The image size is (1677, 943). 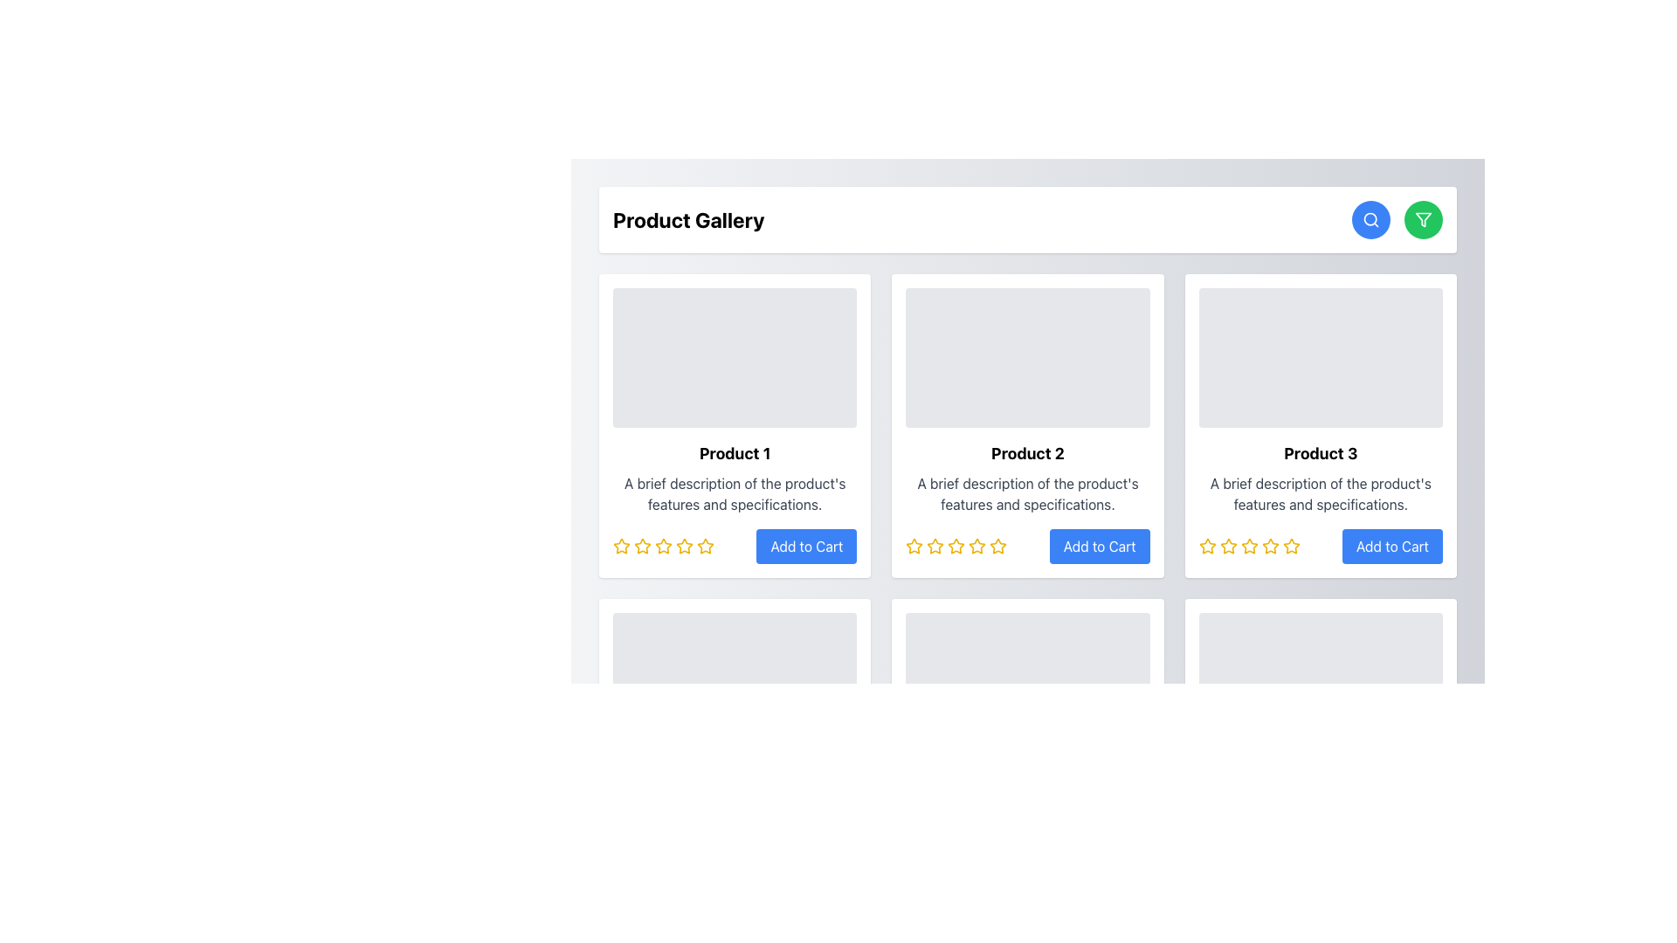 What do you see at coordinates (735, 356) in the screenshot?
I see `the image placeholder for 'Product 1' located in the top-left corner of its product card` at bounding box center [735, 356].